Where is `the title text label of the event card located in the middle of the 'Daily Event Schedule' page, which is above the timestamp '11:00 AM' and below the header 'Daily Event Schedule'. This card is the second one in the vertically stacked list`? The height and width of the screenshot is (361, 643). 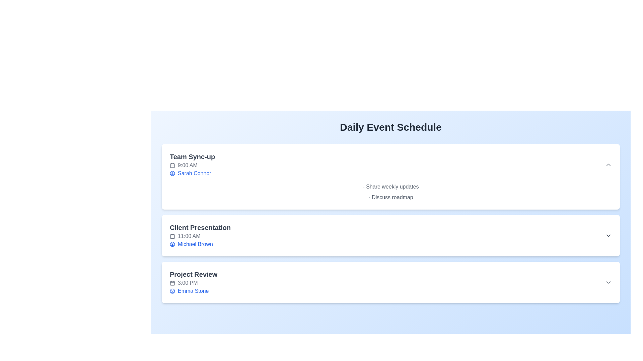 the title text label of the event card located in the middle of the 'Daily Event Schedule' page, which is above the timestamp '11:00 AM' and below the header 'Daily Event Schedule'. This card is the second one in the vertically stacked list is located at coordinates (200, 227).